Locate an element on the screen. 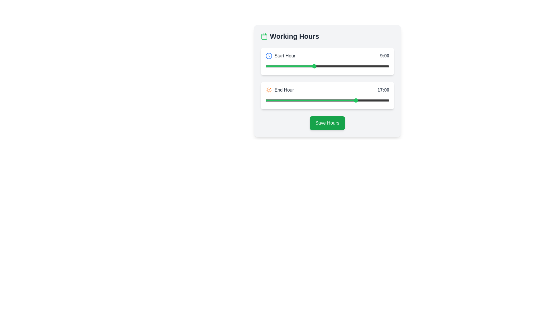 The image size is (551, 310). the 'Save Hours' button located within the 'Working Hours' panel to confirm the selected working hour range is located at coordinates (327, 123).